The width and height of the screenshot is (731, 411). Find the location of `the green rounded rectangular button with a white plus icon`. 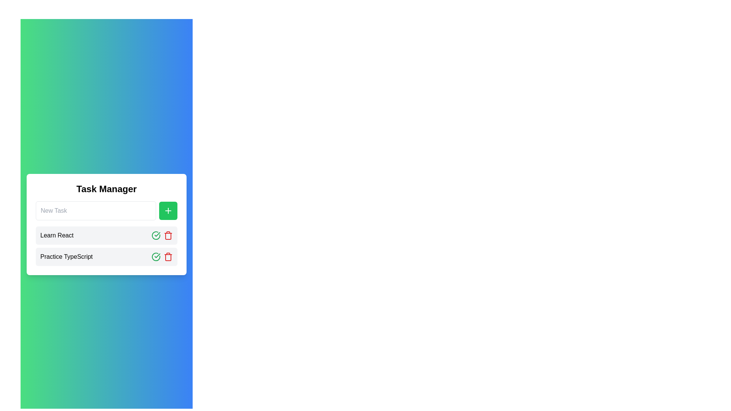

the green rounded rectangular button with a white plus icon is located at coordinates (168, 211).